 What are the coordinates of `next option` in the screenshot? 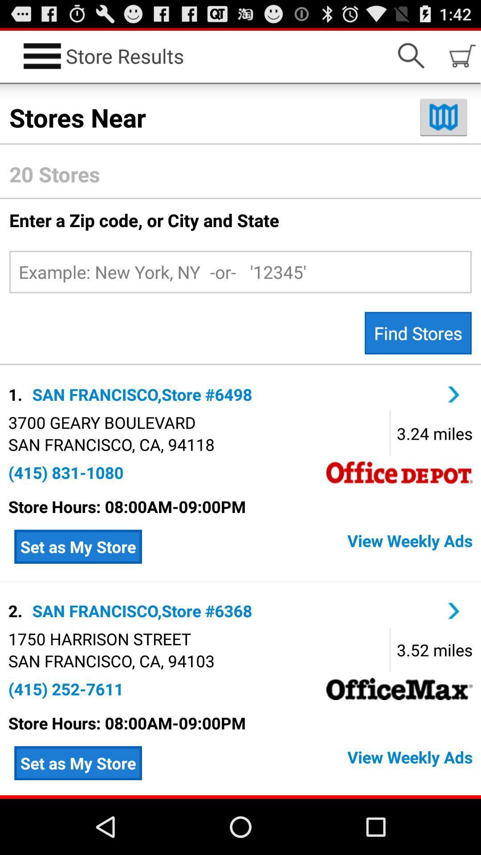 It's located at (454, 610).